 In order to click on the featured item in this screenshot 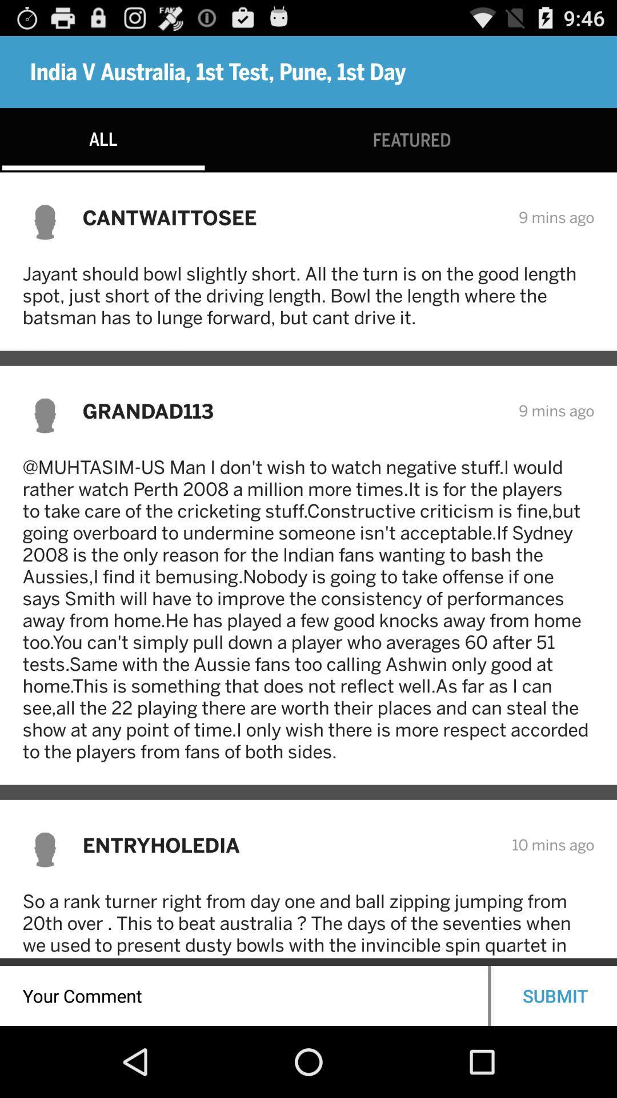, I will do `click(412, 140)`.